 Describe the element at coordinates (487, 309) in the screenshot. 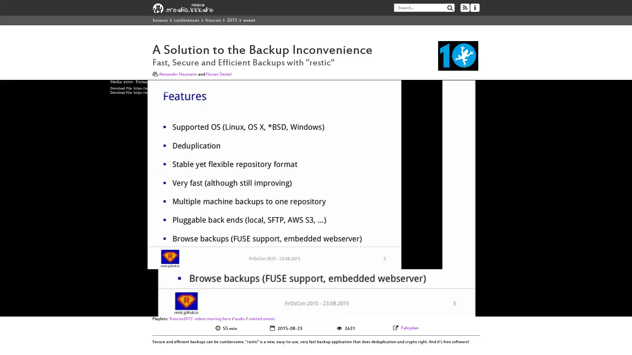

I see `Mute` at that location.